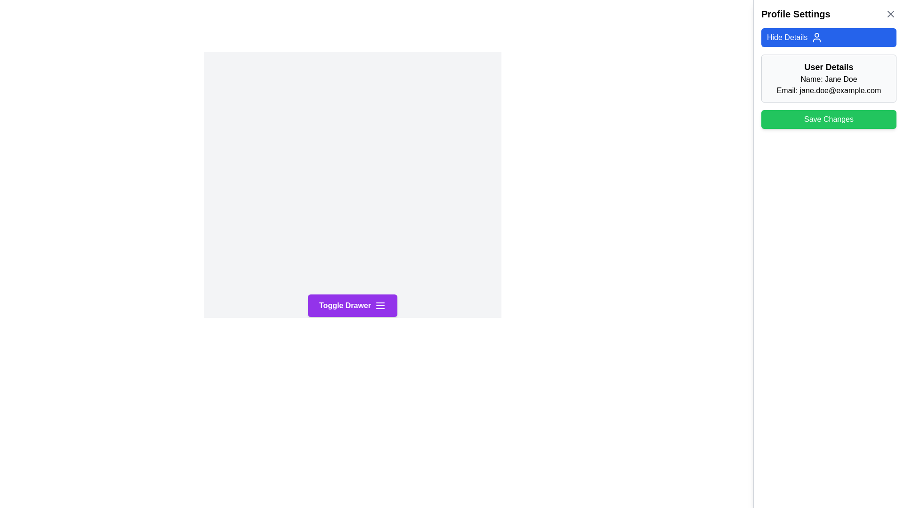  What do you see at coordinates (829, 90) in the screenshot?
I see `the text label displaying the user's email address, which is located below the 'Name: Jane Doe' text within the 'User Details' section` at bounding box center [829, 90].